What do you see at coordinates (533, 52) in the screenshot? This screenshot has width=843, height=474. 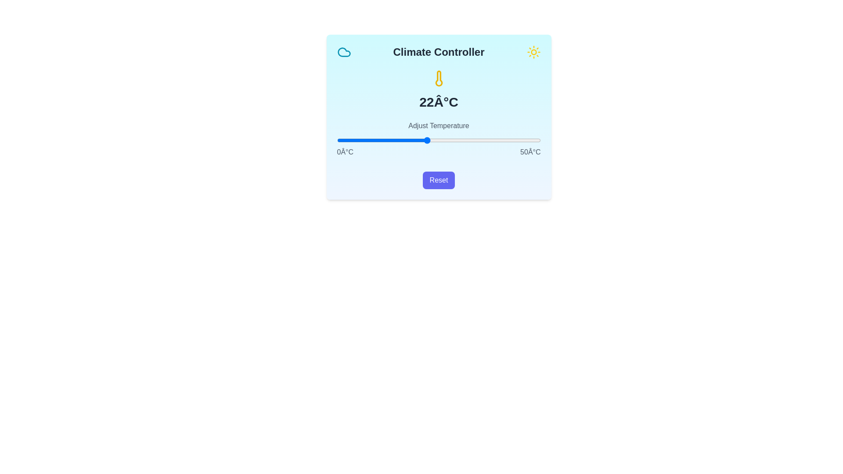 I see `the sun icon in the header` at bounding box center [533, 52].